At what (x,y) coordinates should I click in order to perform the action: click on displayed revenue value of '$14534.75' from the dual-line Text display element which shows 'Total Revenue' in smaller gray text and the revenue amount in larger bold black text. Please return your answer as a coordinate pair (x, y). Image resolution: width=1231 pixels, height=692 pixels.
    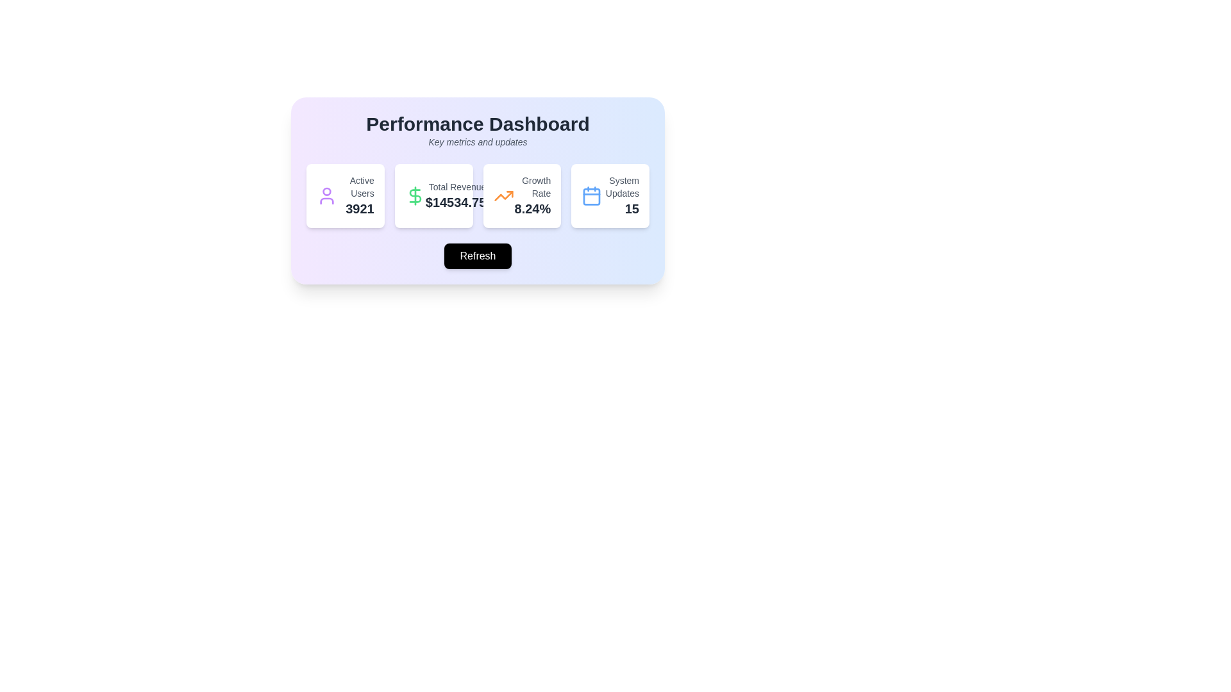
    Looking at the image, I should click on (455, 195).